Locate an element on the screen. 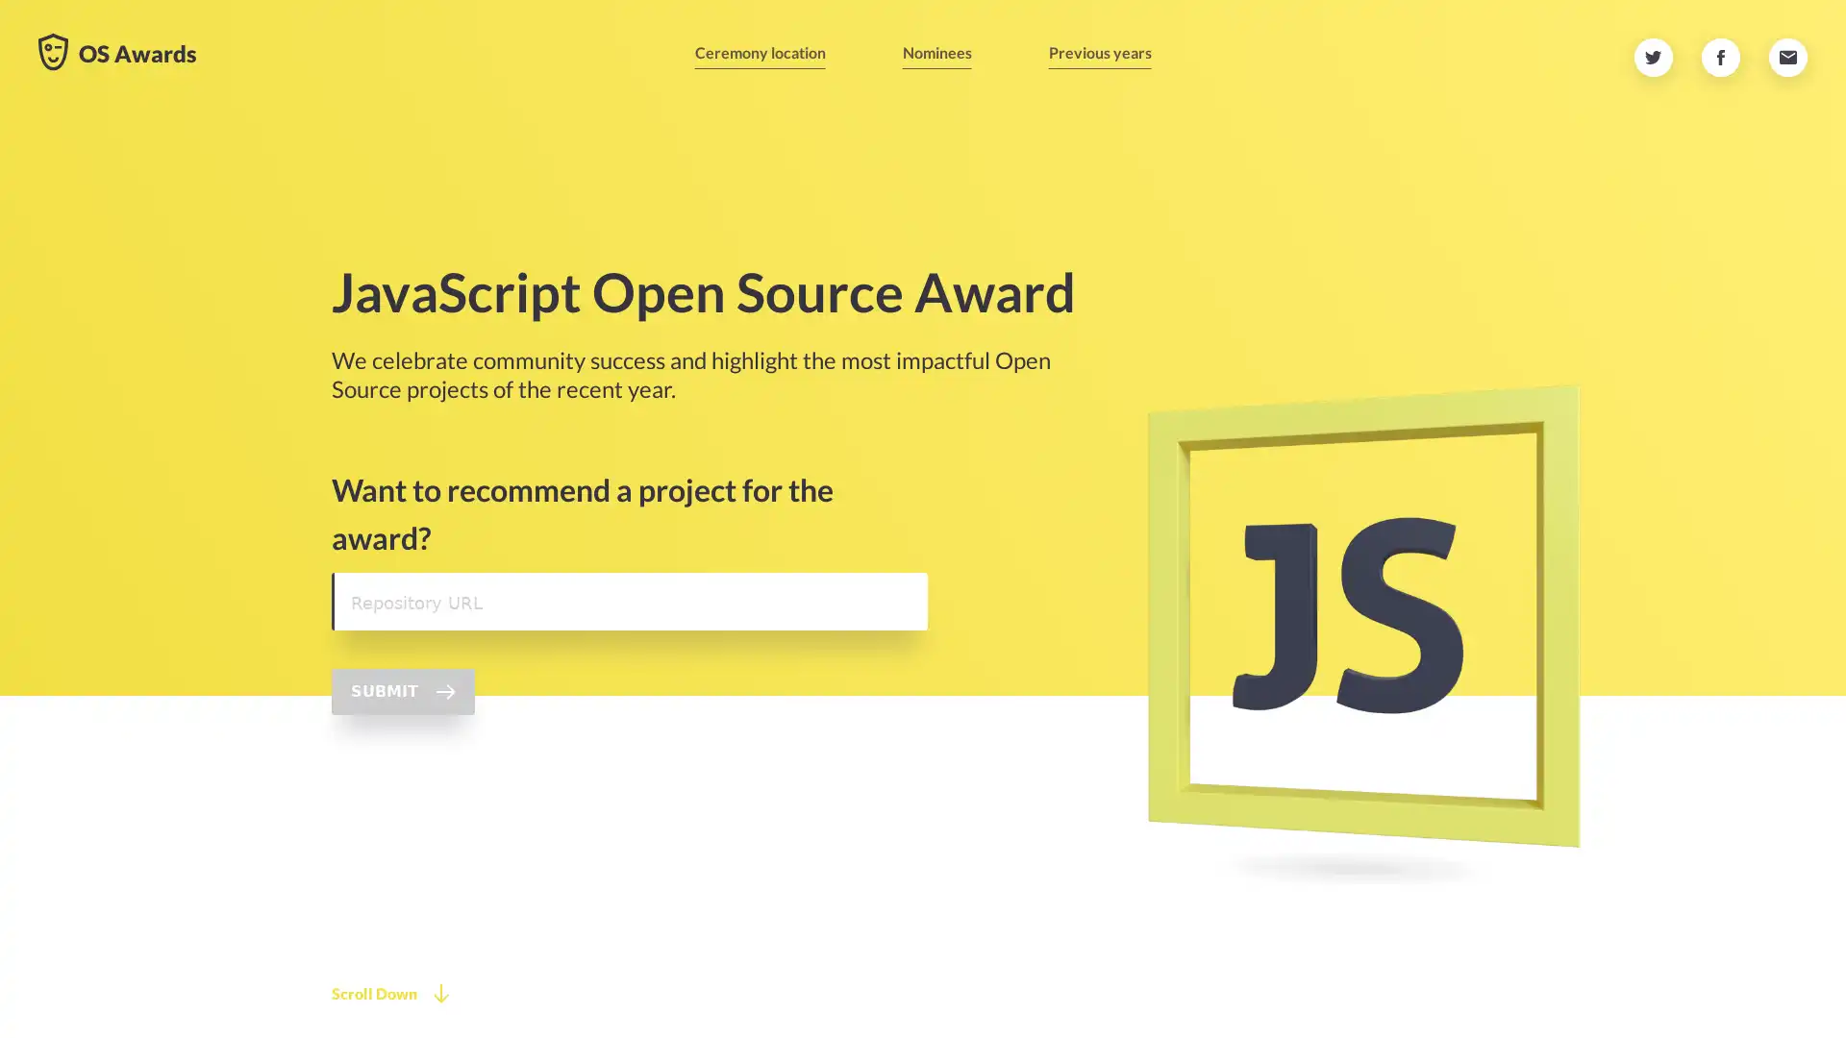  SUBMIT is located at coordinates (402, 689).